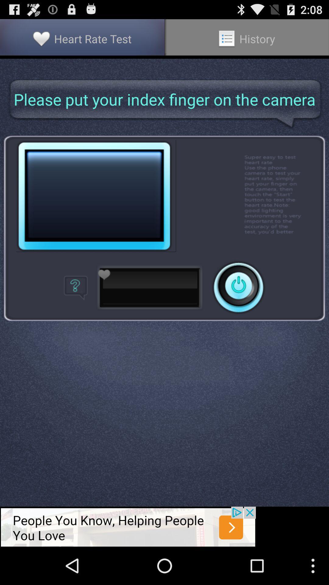 This screenshot has width=329, height=585. What do you see at coordinates (238, 287) in the screenshot?
I see `an` at bounding box center [238, 287].